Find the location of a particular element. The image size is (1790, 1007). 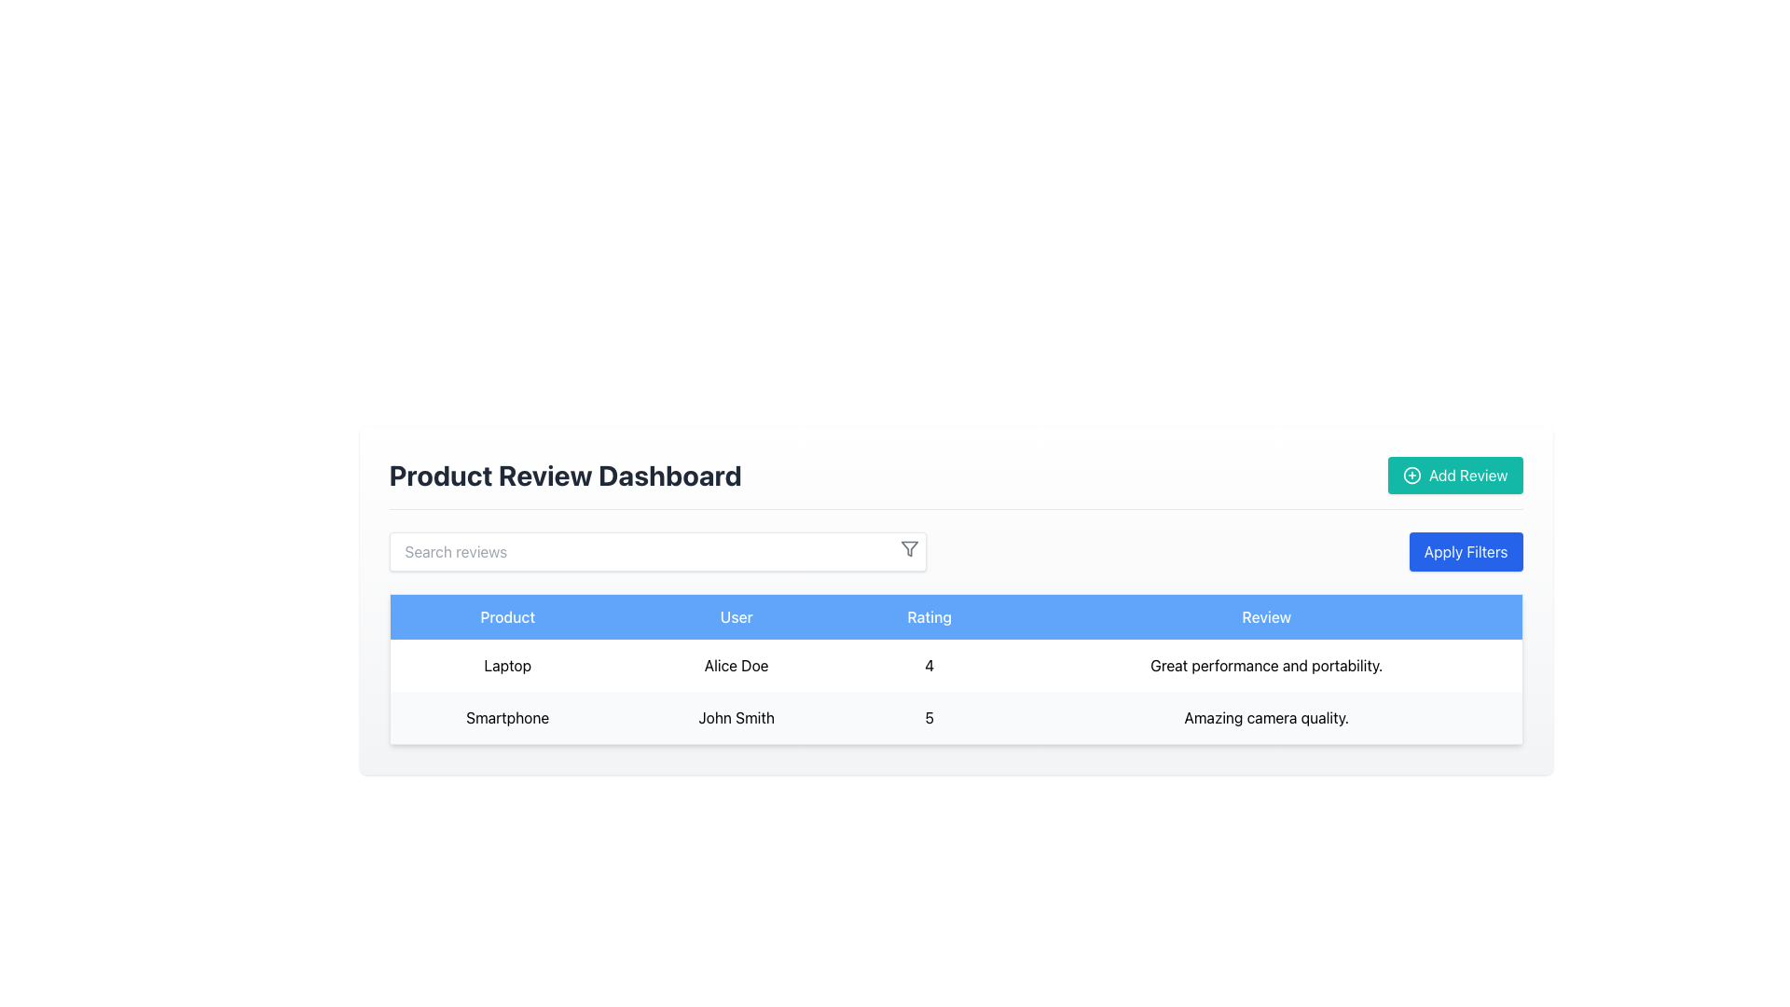

the 'Review' Text Label, which is a rectangular area with a sky-blue background and the word 'Review' in white, located in the top-right of the header row in a table is located at coordinates (1267, 616).